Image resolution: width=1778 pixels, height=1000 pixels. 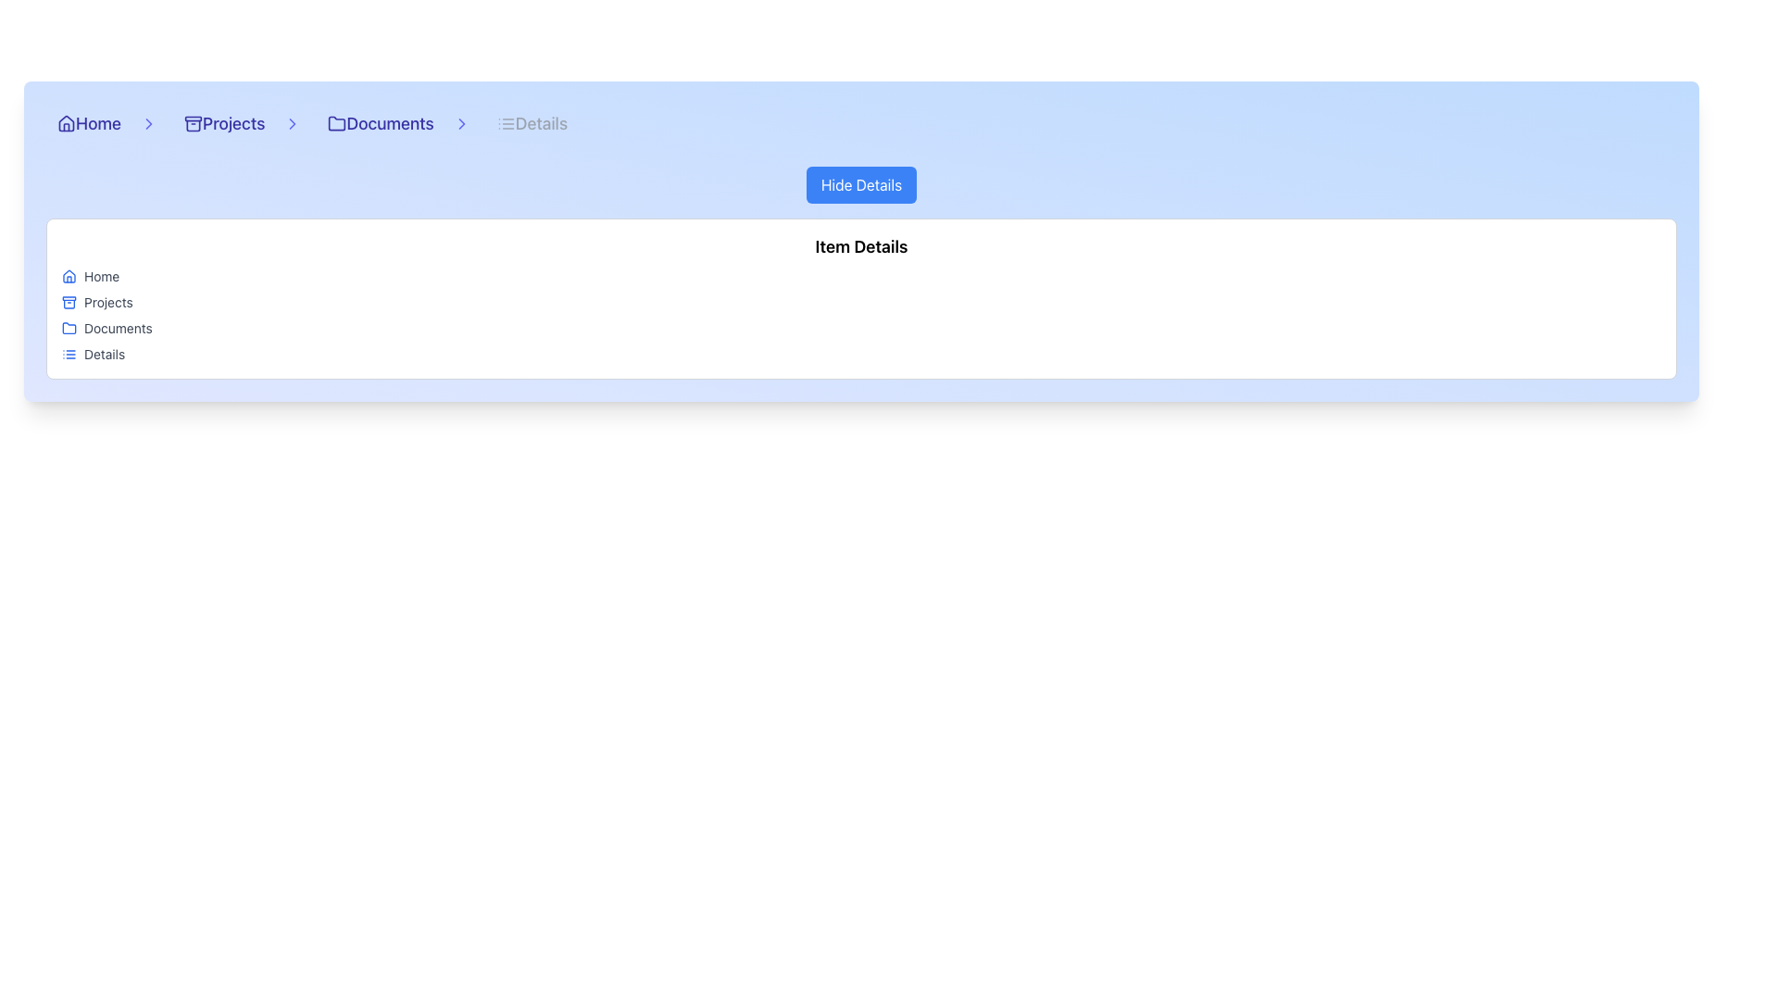 What do you see at coordinates (223, 124) in the screenshot?
I see `the 'Projects' text label in the breadcrumb navigation bar` at bounding box center [223, 124].